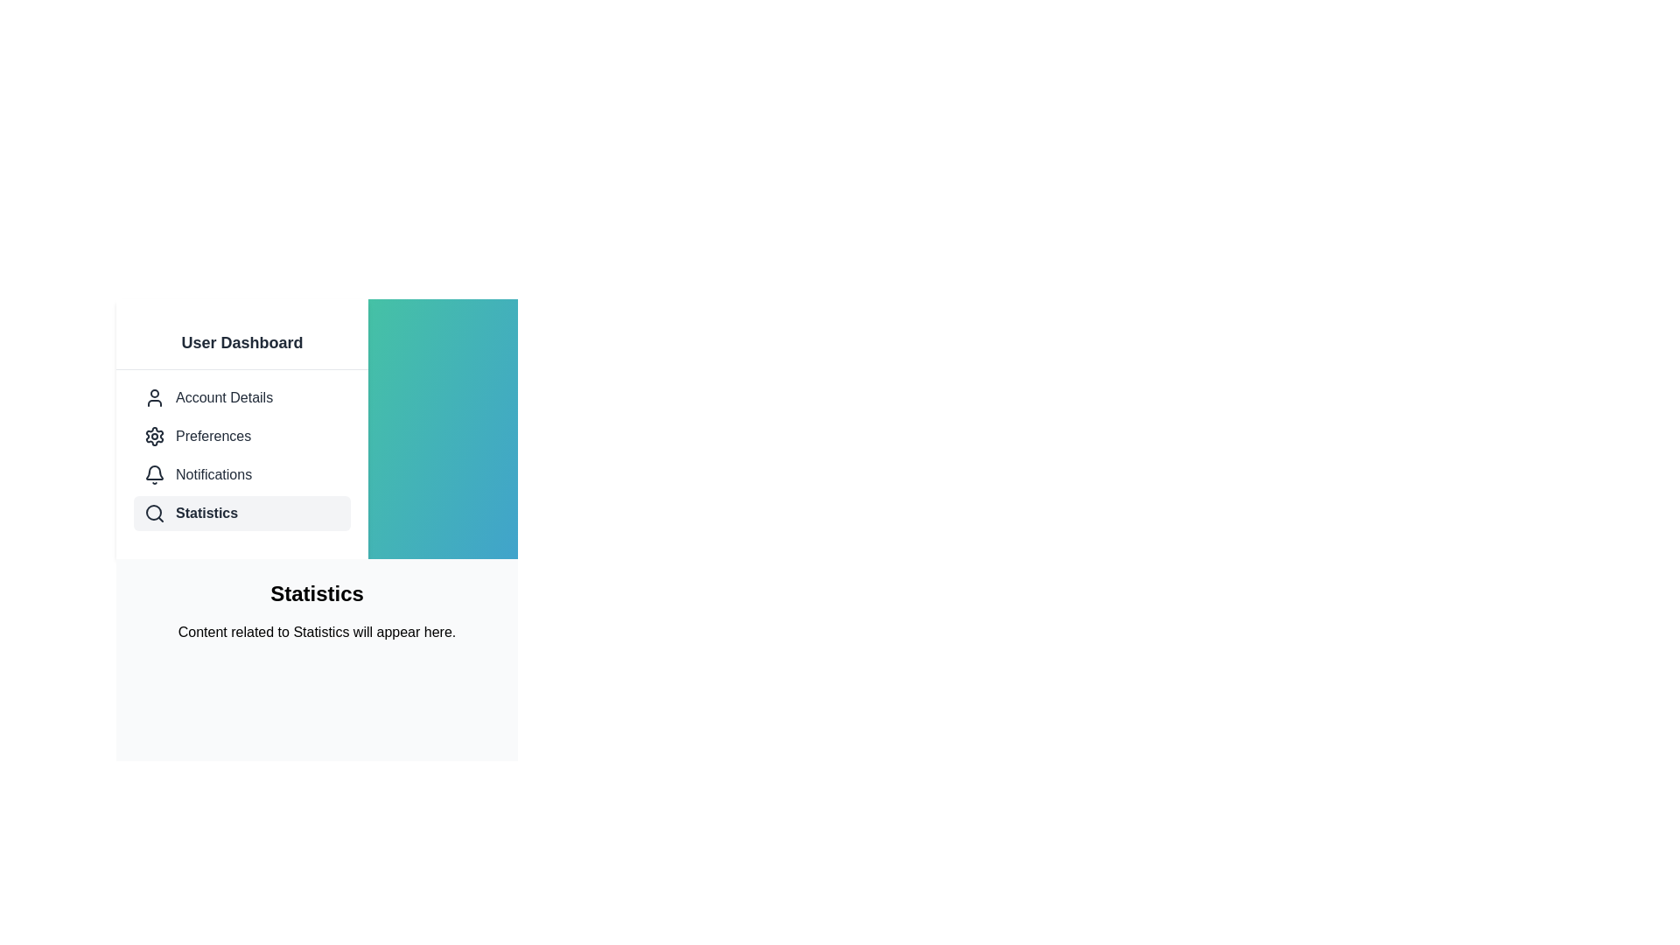 This screenshot has width=1680, height=945. What do you see at coordinates (155, 472) in the screenshot?
I see `the bell icon in the left sidebar navigation menu` at bounding box center [155, 472].